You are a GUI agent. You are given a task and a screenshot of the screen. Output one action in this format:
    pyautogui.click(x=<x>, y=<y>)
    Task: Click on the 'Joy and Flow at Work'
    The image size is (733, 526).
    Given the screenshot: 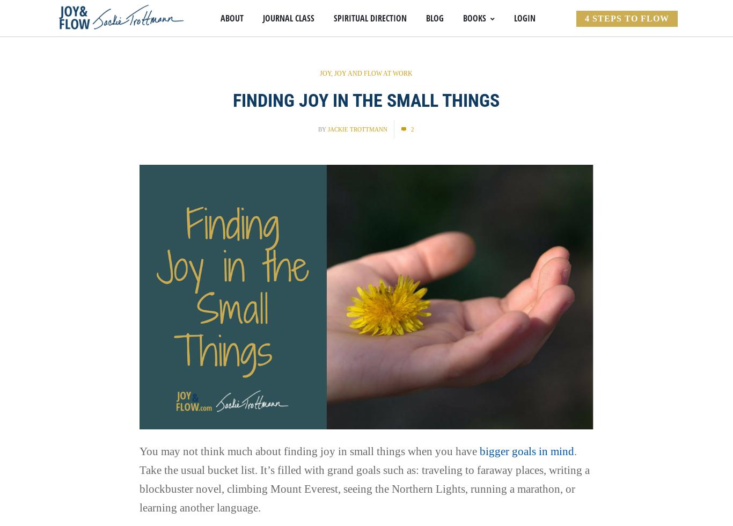 What is the action you would take?
    pyautogui.click(x=373, y=73)
    